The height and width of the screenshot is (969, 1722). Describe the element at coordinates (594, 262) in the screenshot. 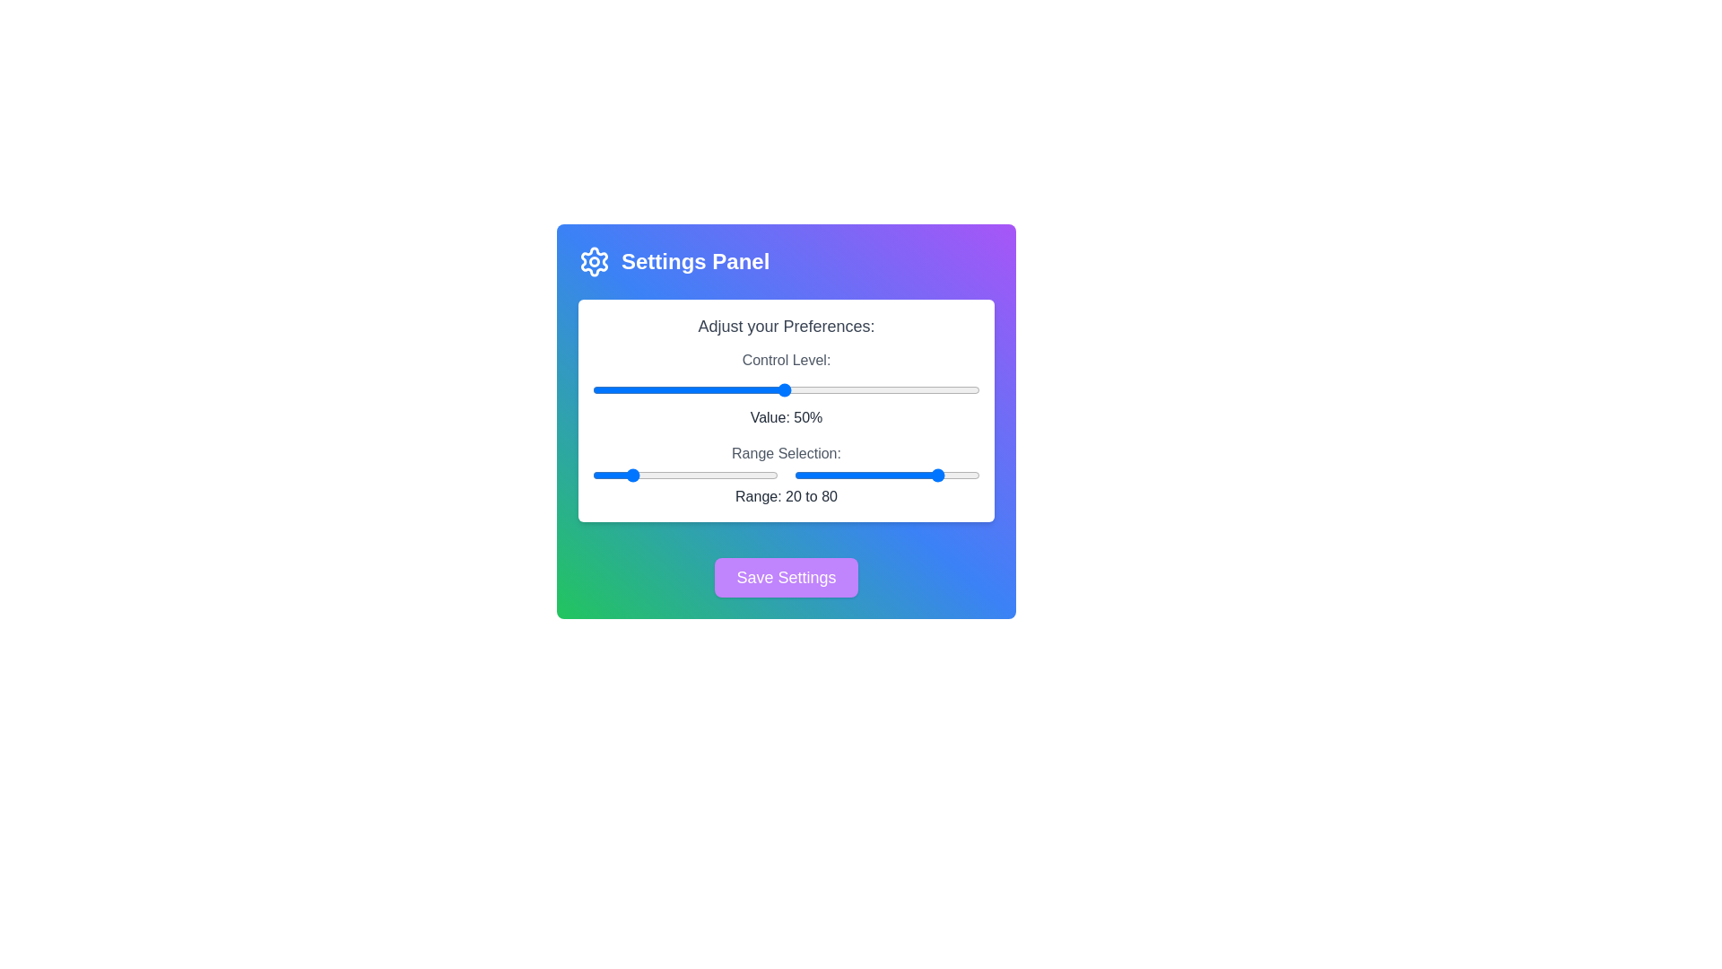

I see `the circular Icon component that serves as the central point of the gear icon located in the top-left corner of the settings panel` at that location.